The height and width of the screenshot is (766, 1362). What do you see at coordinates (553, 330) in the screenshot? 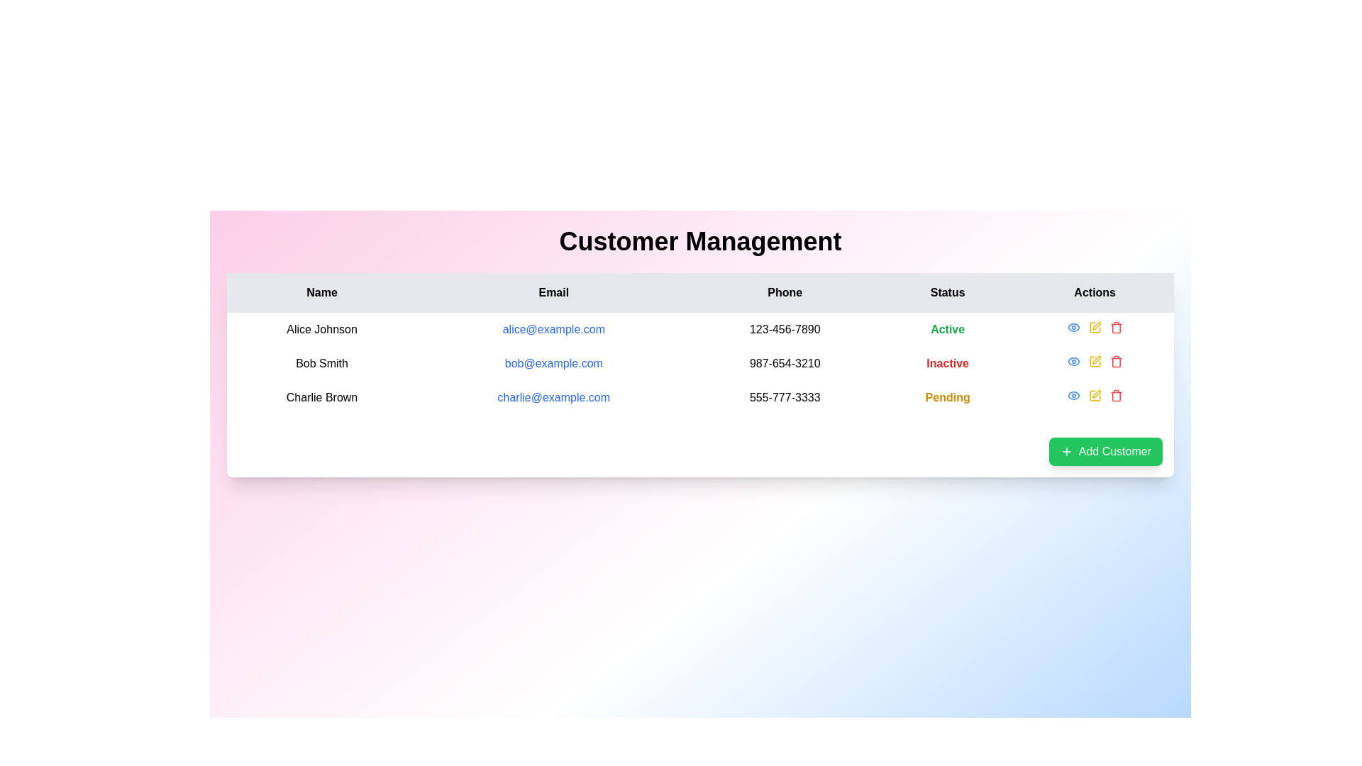
I see `the text link displaying 'alice@example.com'` at bounding box center [553, 330].